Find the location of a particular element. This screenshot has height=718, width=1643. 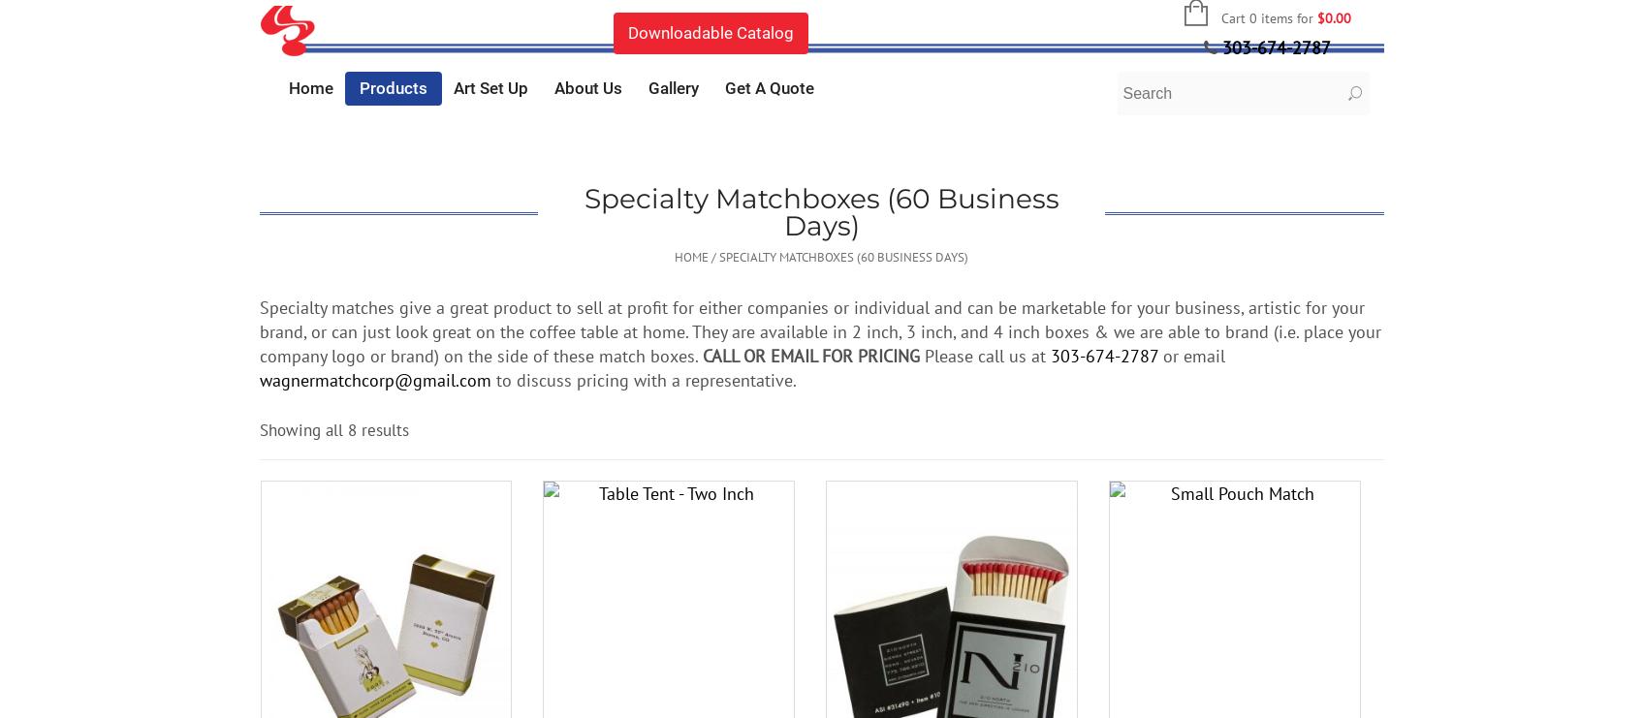

'Art Set Up' is located at coordinates (489, 87).